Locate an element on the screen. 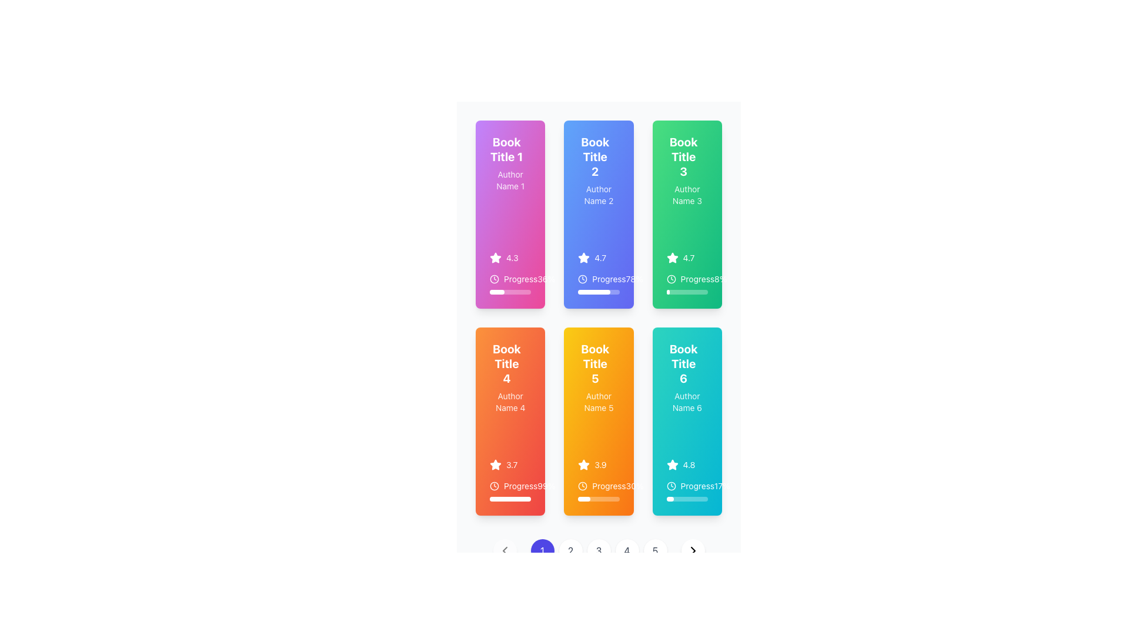 The height and width of the screenshot is (635, 1129). the star-shaped icon representing a rating of '4.7' for 'Book Title 2' located in the bottom left section of the card is located at coordinates (584, 258).